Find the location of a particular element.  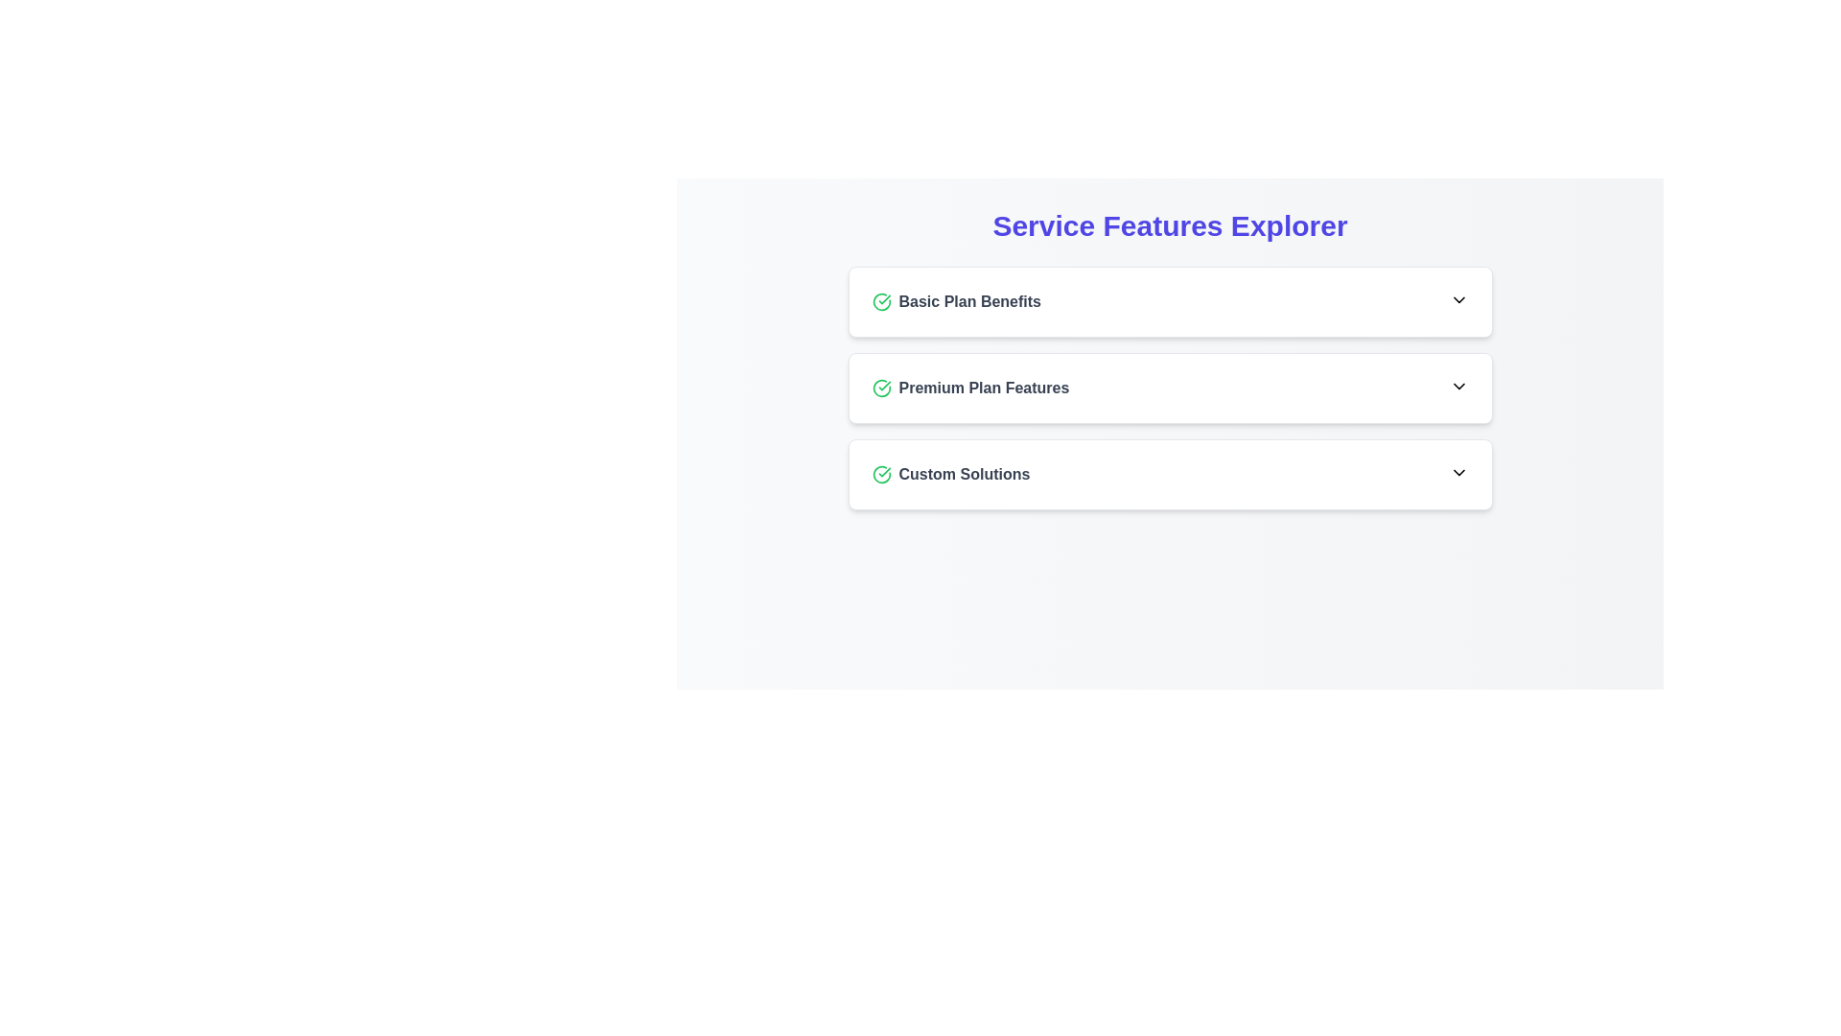

the collapsible panel titled 'Service Features Explorer', specifically the middle block indicating 'Premium Plan Features' is located at coordinates (1169, 359).